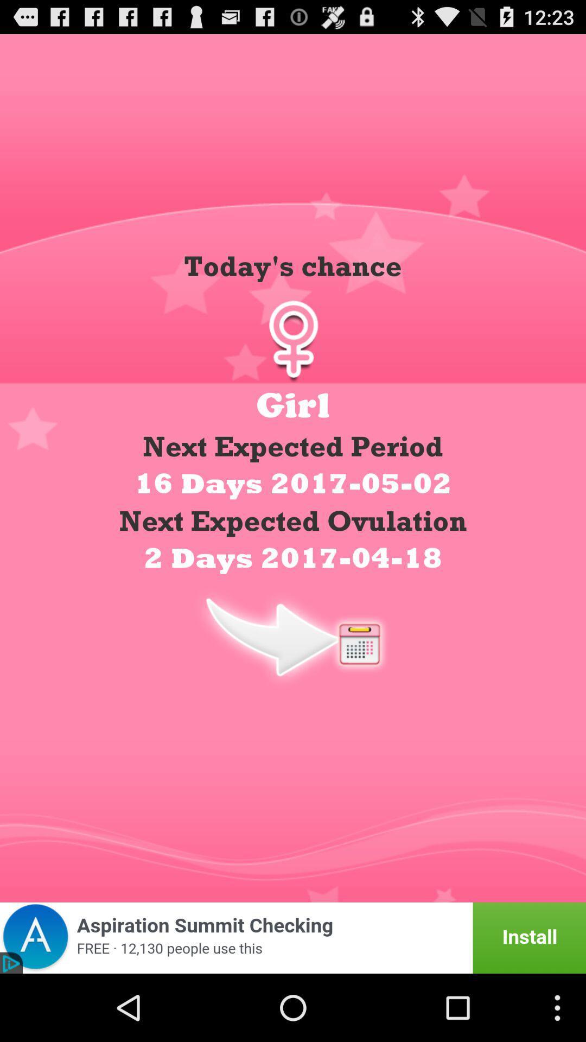 The height and width of the screenshot is (1042, 586). What do you see at coordinates (293, 937) in the screenshot?
I see `for advertisement` at bounding box center [293, 937].